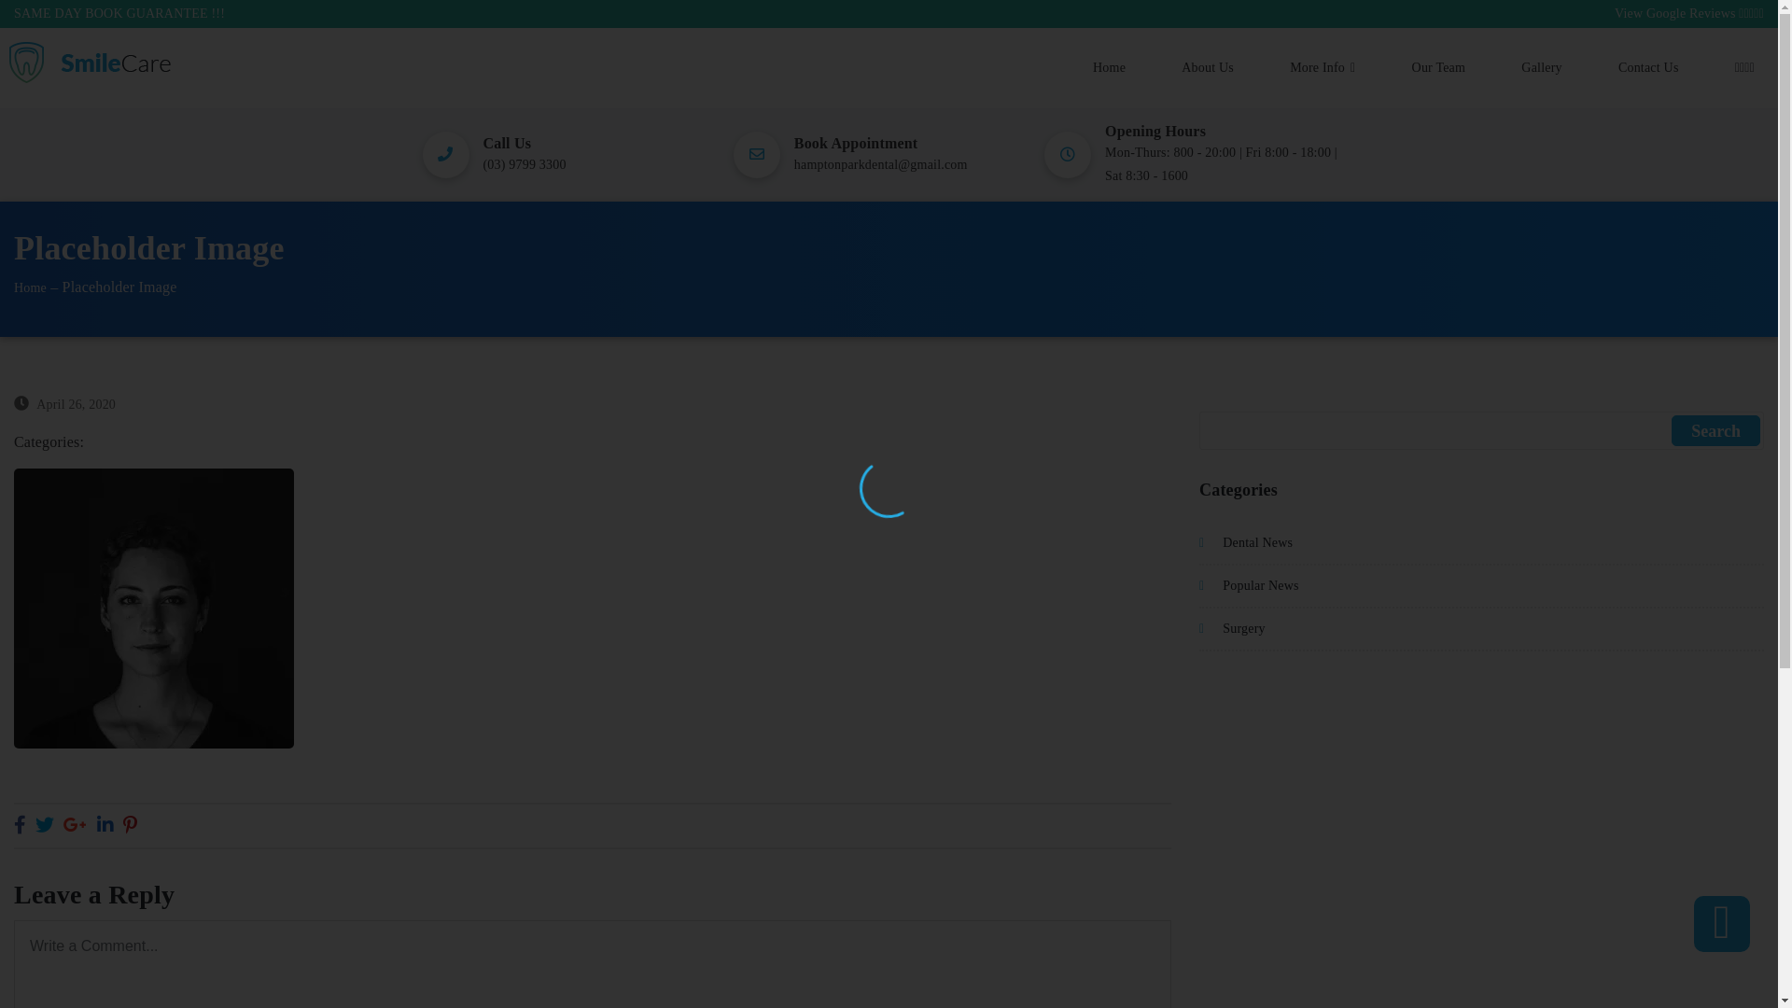 The width and height of the screenshot is (1792, 1008). What do you see at coordinates (1437, 66) in the screenshot?
I see `'Our Team'` at bounding box center [1437, 66].